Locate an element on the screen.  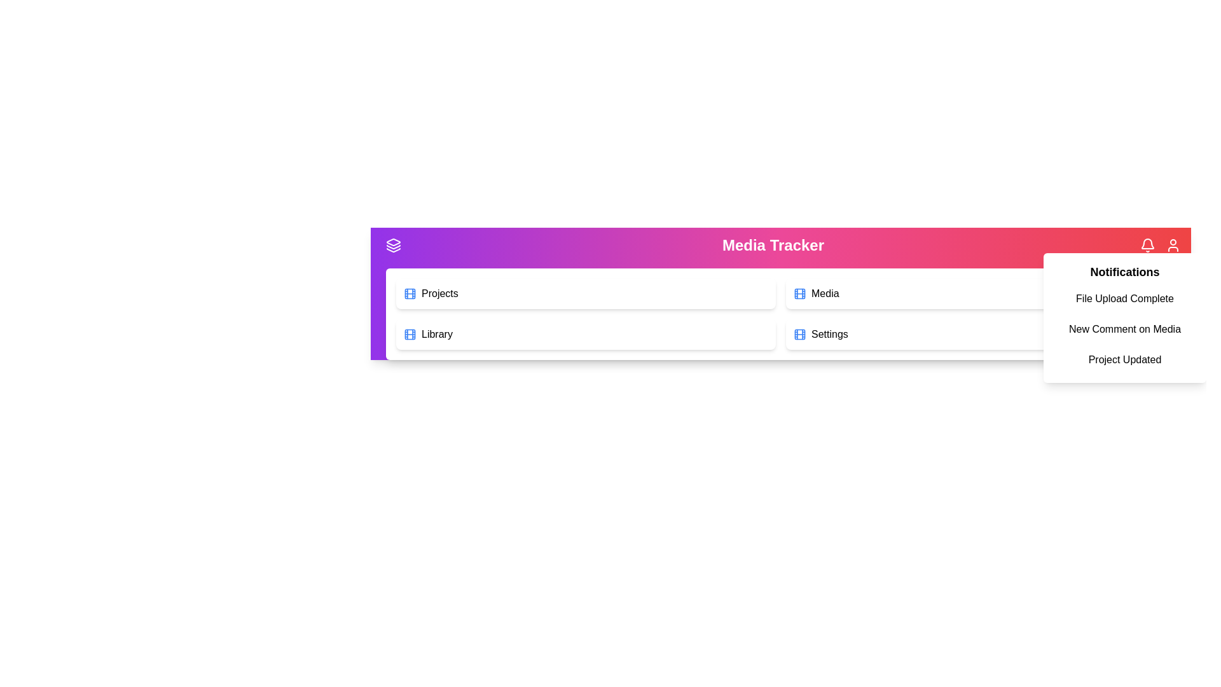
the navigation menu item Media is located at coordinates (975, 294).